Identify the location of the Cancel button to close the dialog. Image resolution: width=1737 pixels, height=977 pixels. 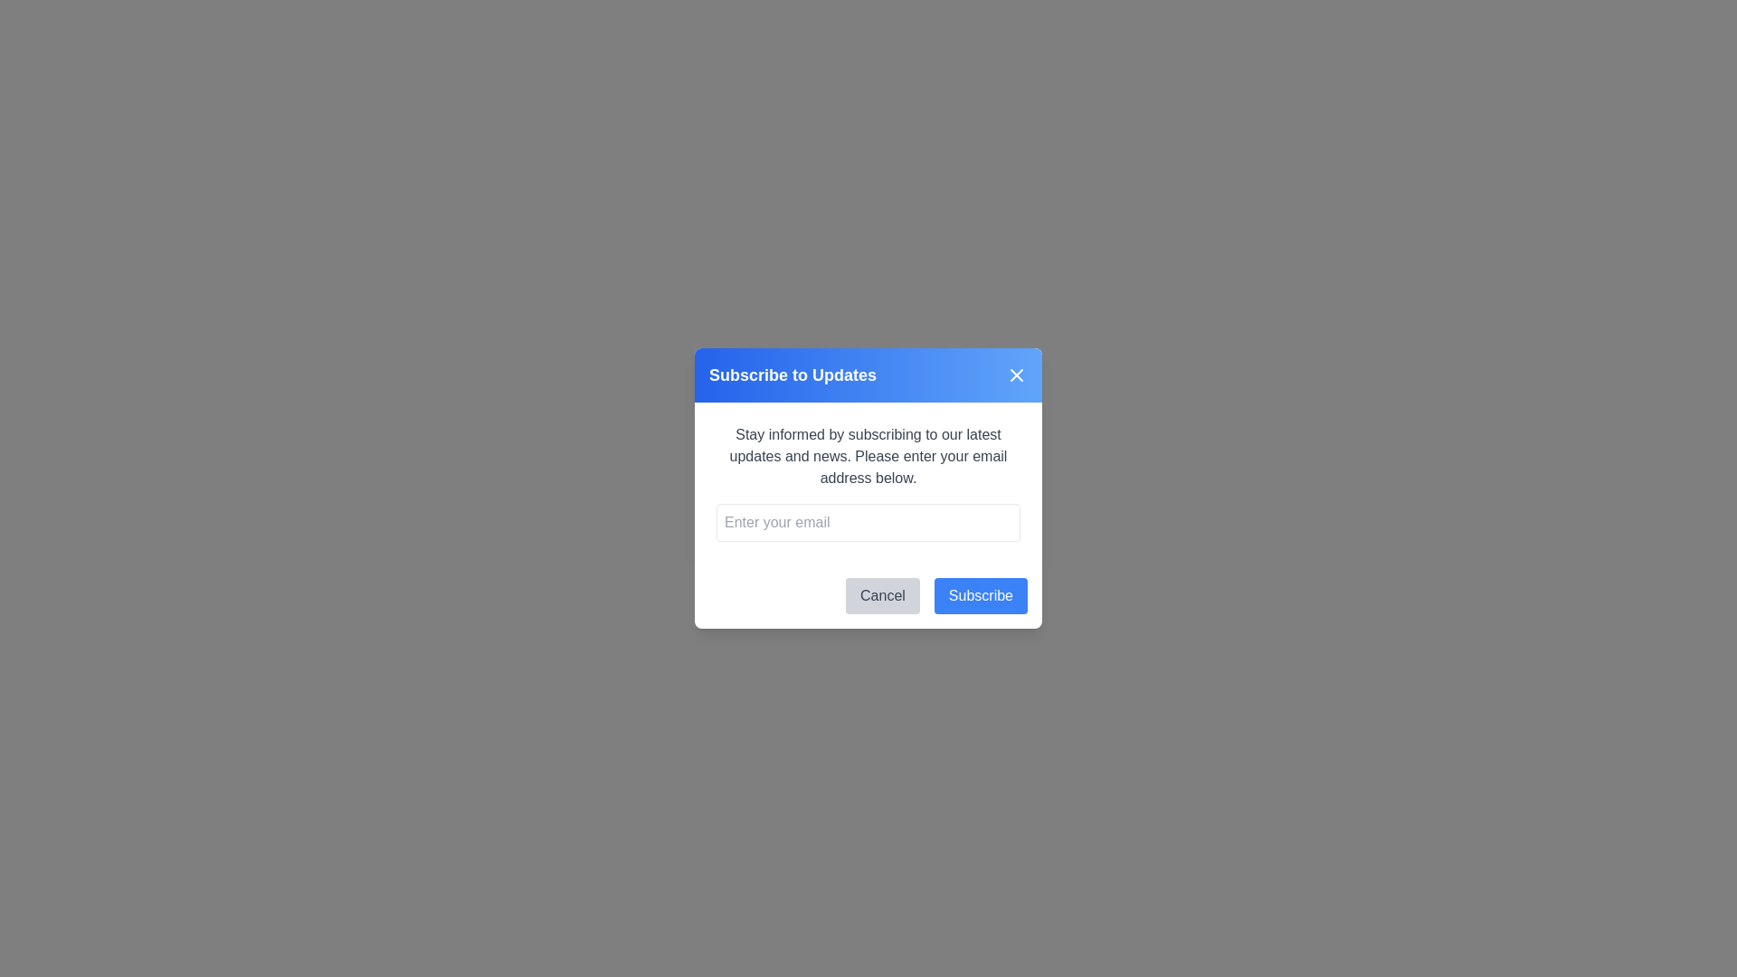
(882, 596).